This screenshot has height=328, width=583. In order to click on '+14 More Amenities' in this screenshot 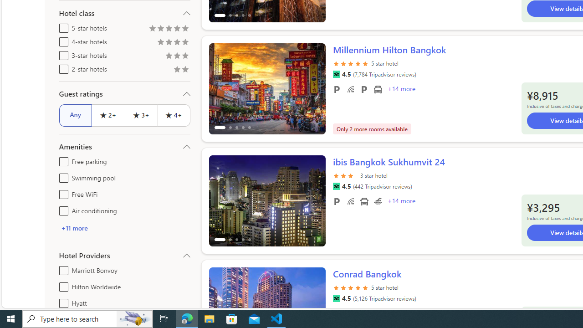, I will do `click(401, 201)`.